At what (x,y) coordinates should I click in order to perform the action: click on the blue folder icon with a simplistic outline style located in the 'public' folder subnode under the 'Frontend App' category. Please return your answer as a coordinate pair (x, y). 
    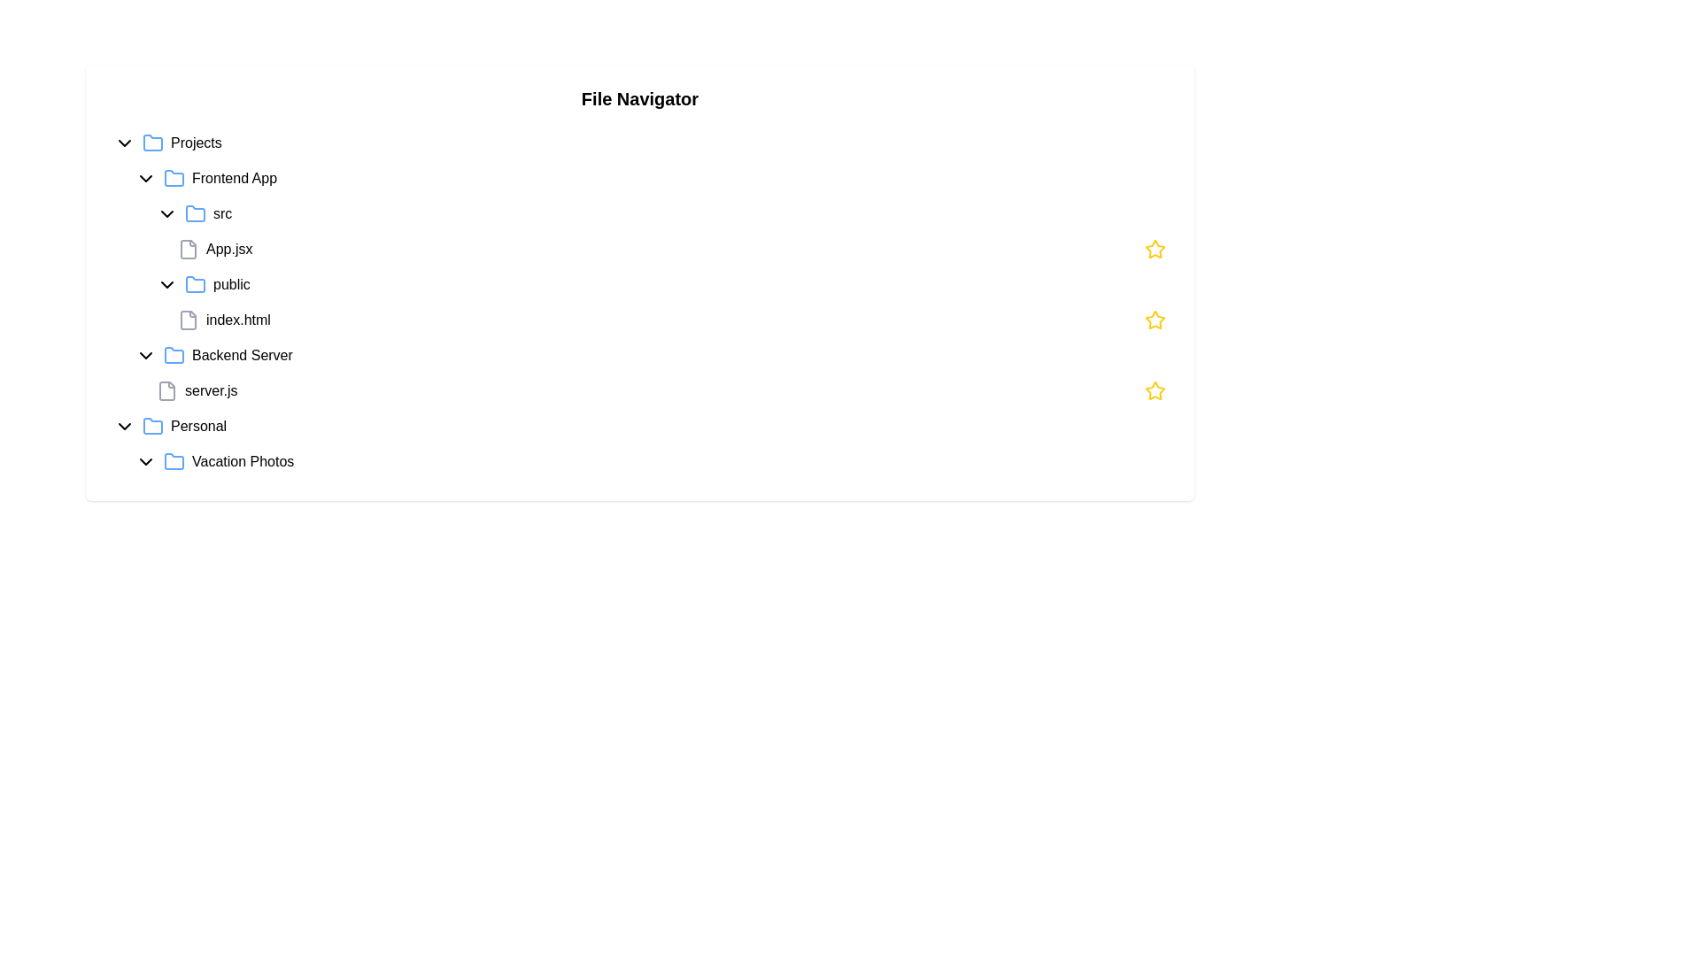
    Looking at the image, I should click on (195, 283).